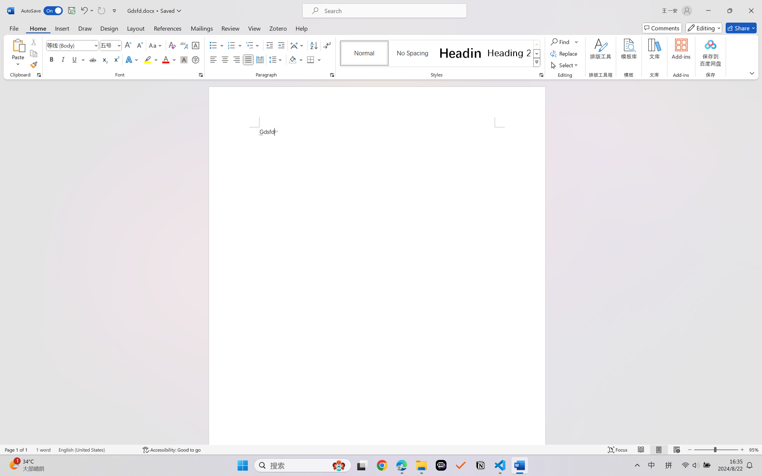  Describe the element at coordinates (147, 59) in the screenshot. I see `'Text Highlight Color Yellow'` at that location.